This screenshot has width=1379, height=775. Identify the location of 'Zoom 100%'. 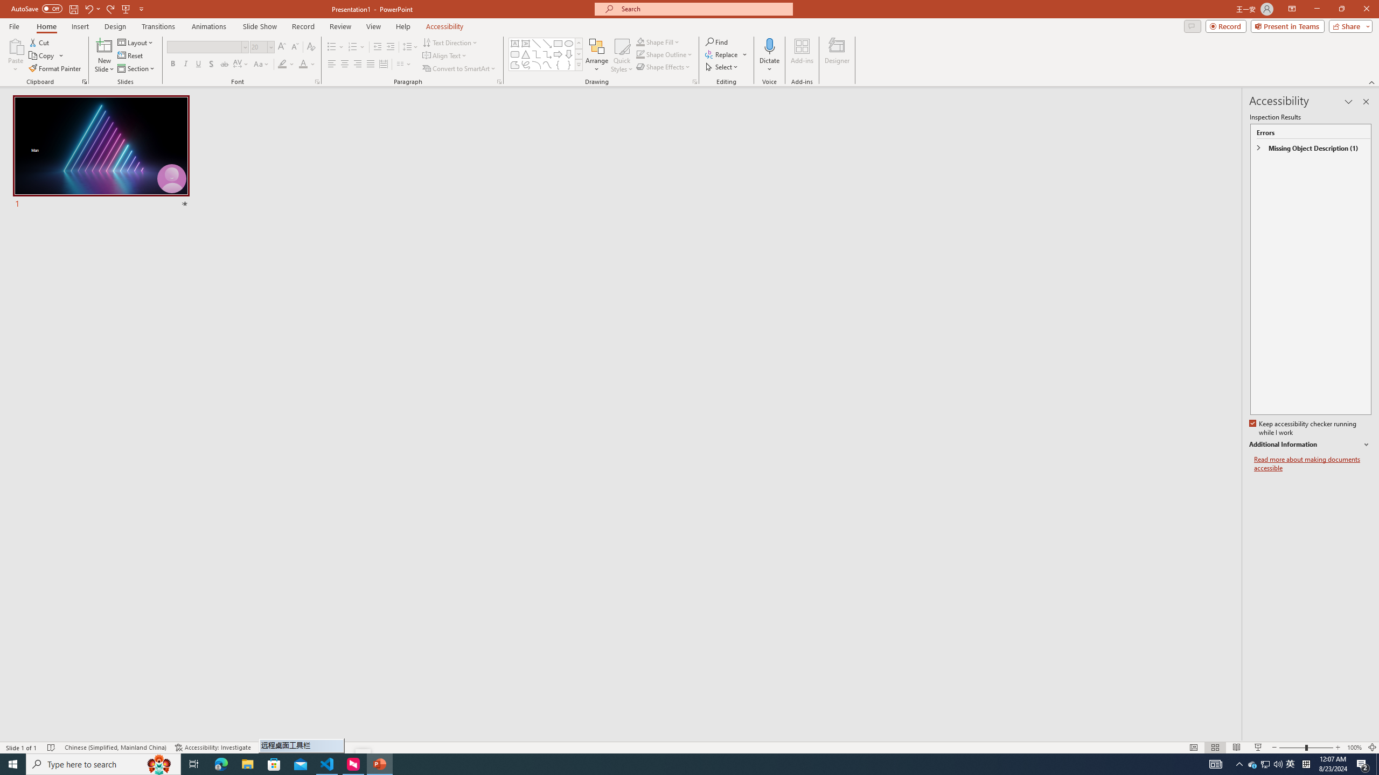
(1355, 748).